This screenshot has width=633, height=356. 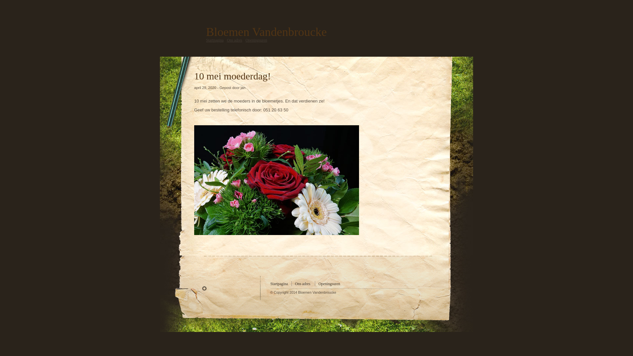 What do you see at coordinates (226, 40) in the screenshot?
I see `'Ons adres'` at bounding box center [226, 40].